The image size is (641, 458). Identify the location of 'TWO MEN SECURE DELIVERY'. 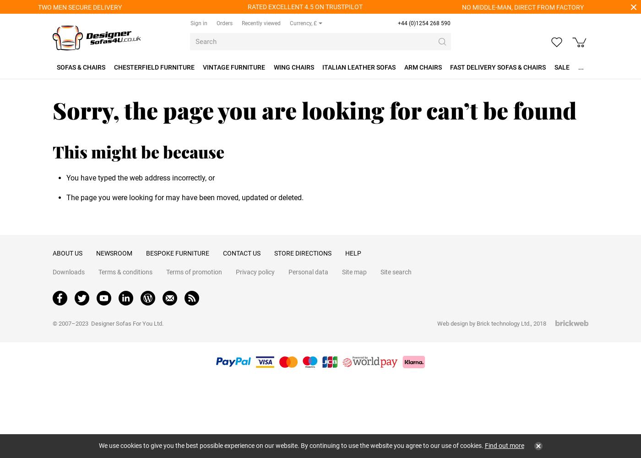
(80, 7).